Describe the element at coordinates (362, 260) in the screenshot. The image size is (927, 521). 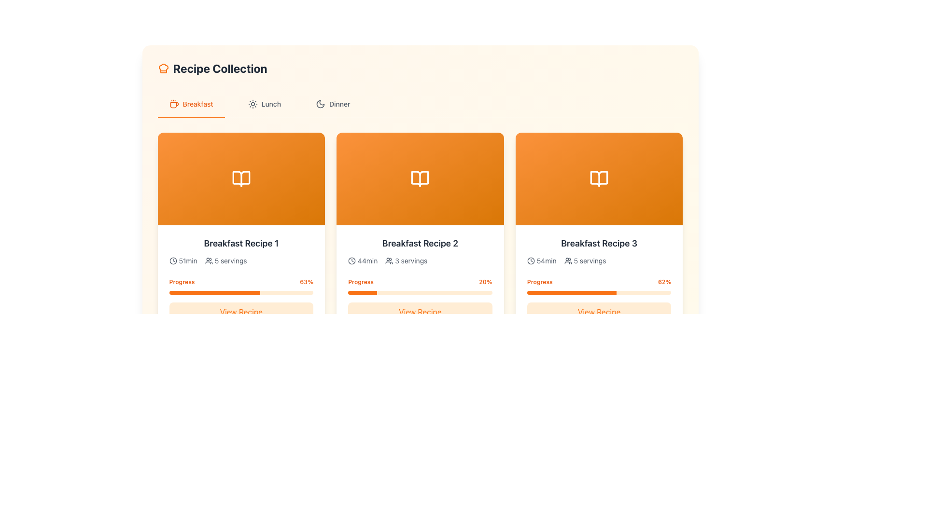
I see `time displayed in the informational label with a clock icon, showing '44min', located in the upper-left region of the 'Breakfast Recipe 2' section` at that location.